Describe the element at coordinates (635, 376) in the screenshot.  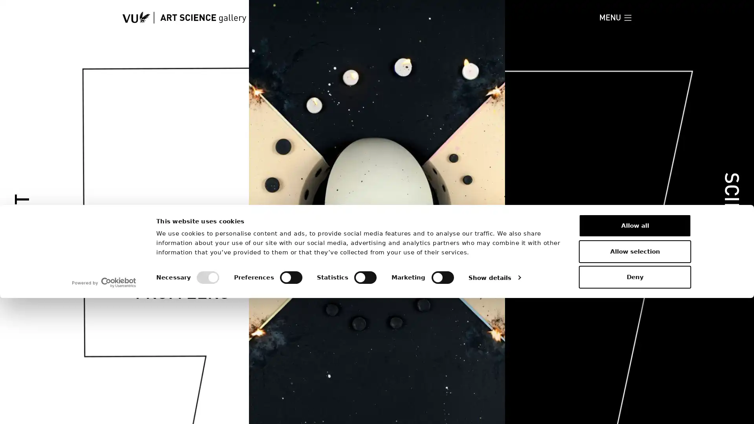
I see `Allow selection` at that location.